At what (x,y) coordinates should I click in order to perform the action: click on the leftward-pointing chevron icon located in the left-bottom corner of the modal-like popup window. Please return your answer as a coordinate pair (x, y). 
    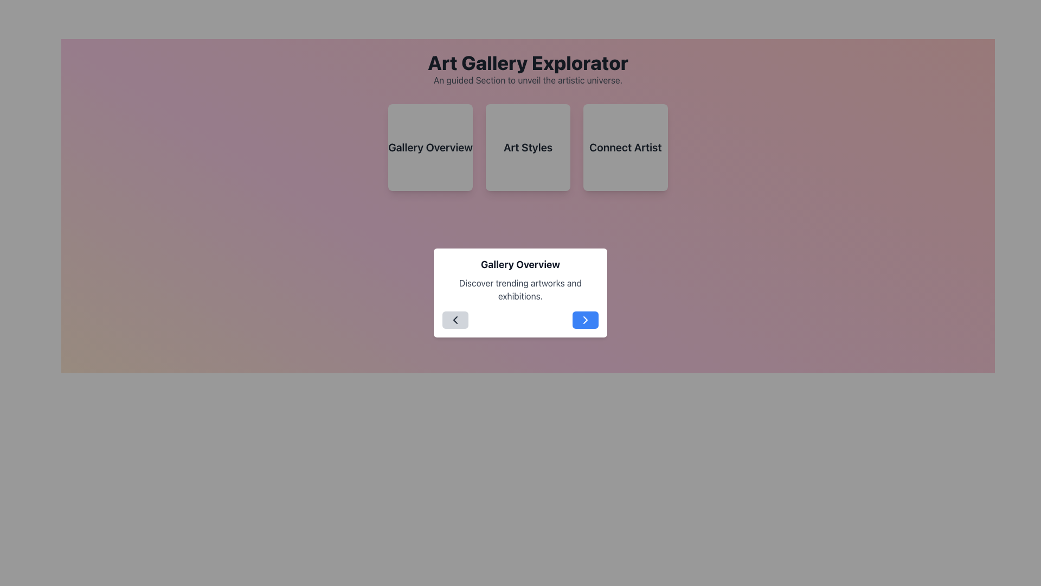
    Looking at the image, I should click on (455, 320).